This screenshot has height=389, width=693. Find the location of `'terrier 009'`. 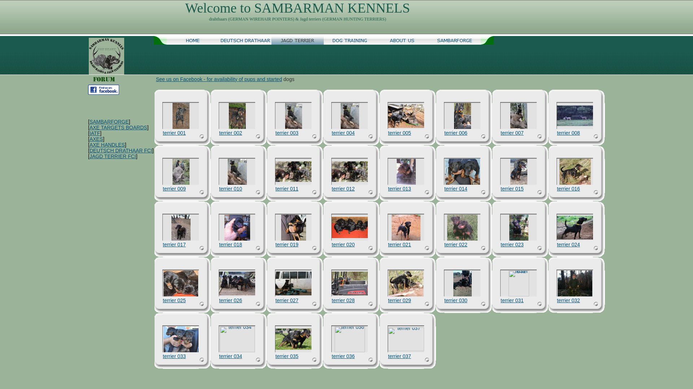

'terrier 009' is located at coordinates (174, 188).